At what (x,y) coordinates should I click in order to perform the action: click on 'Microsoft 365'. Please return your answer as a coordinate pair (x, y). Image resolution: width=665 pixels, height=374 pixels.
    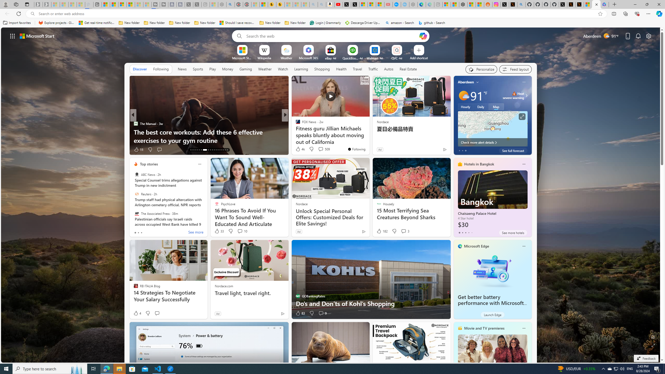
    Looking at the image, I should click on (308, 58).